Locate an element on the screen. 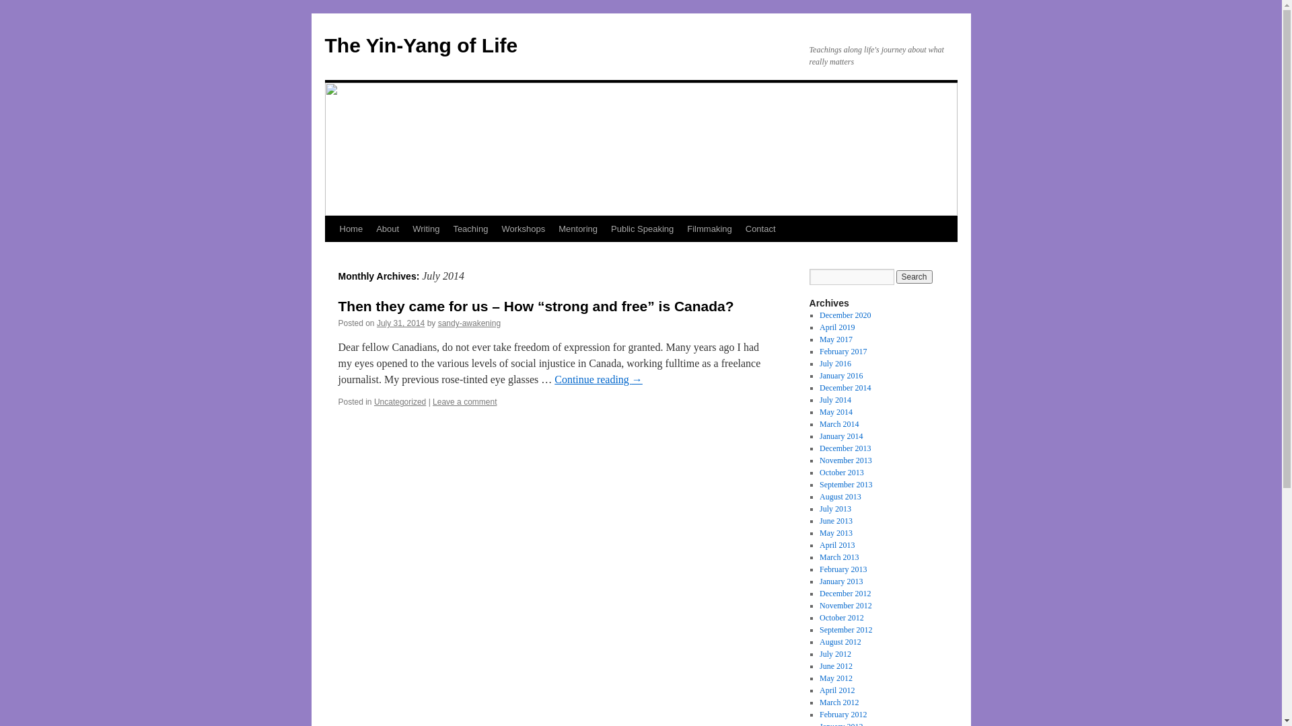 The height and width of the screenshot is (726, 1292). 'About' is located at coordinates (387, 228).